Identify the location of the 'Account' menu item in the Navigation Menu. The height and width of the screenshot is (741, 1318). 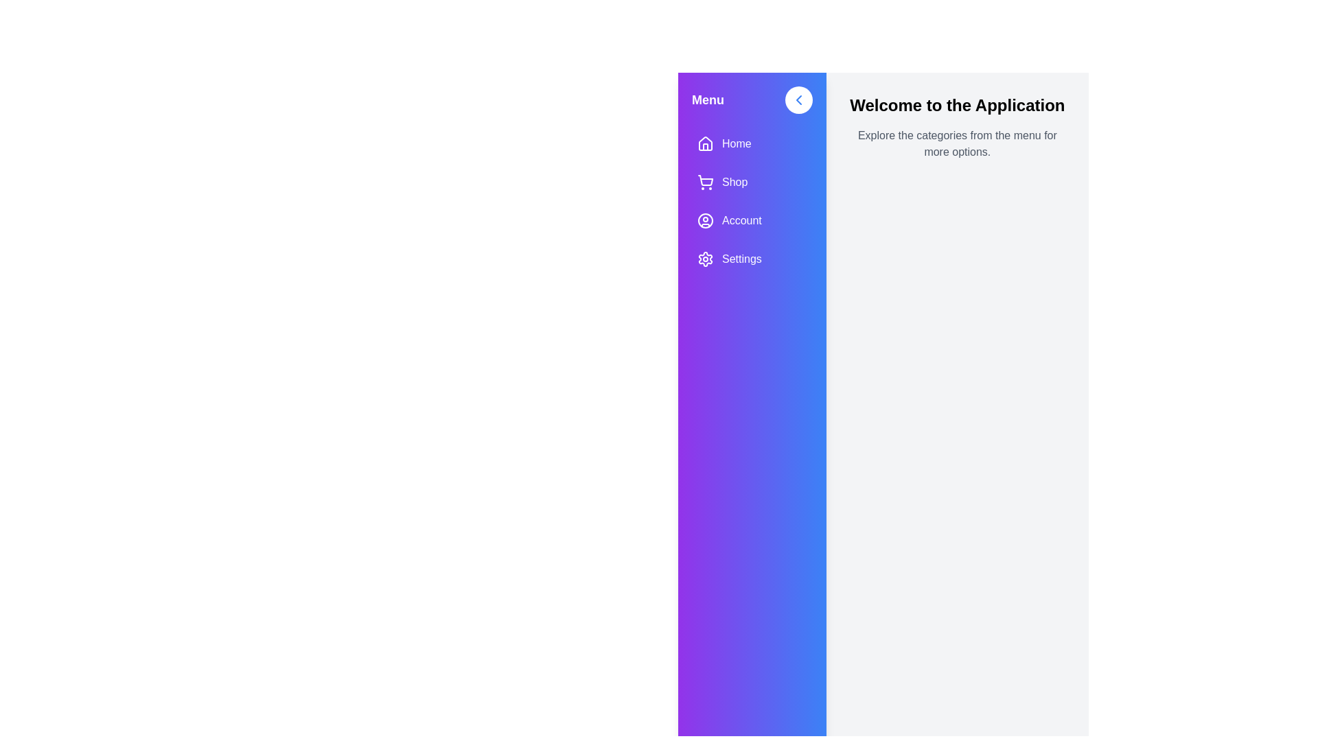
(751, 201).